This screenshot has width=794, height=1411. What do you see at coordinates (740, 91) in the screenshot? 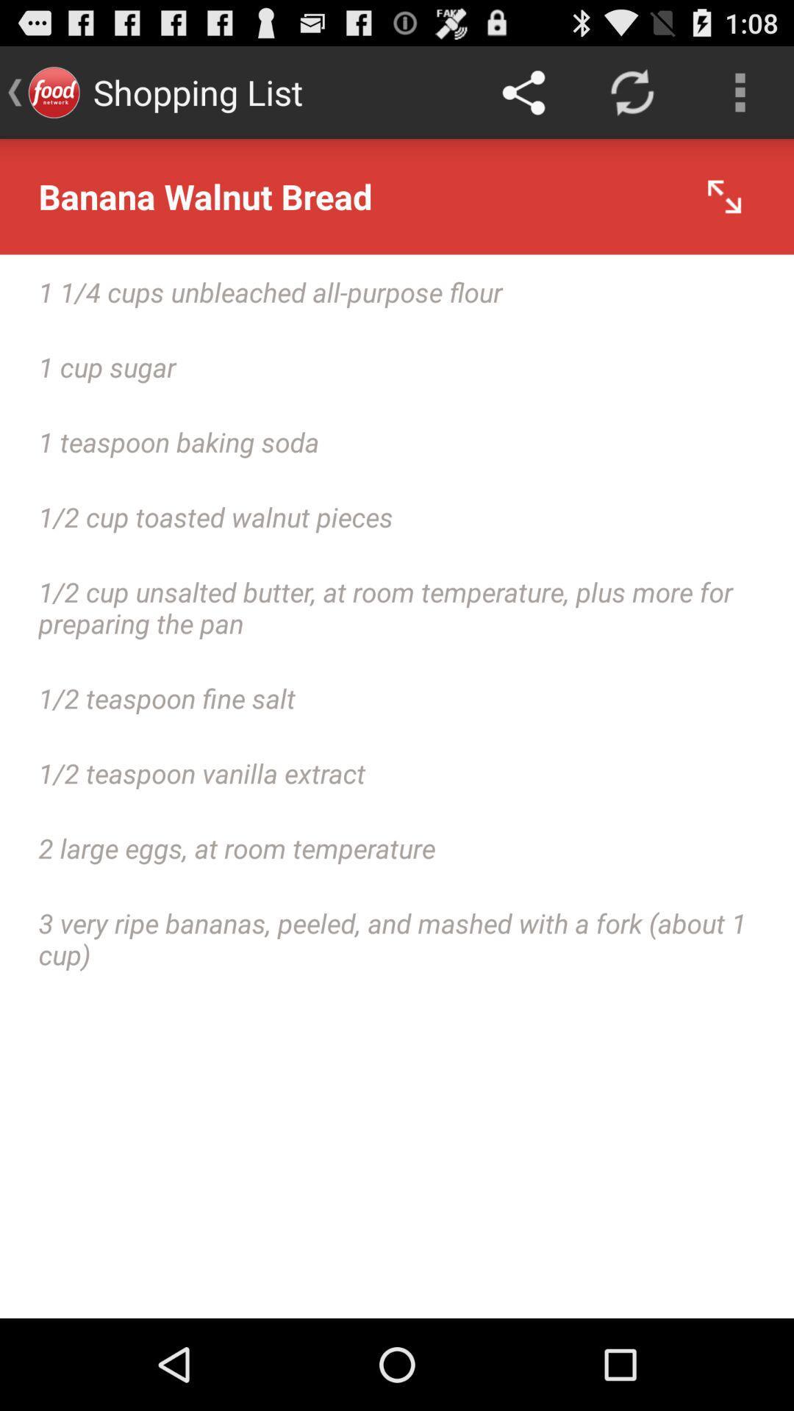
I see `the app above banana walnut bread` at bounding box center [740, 91].